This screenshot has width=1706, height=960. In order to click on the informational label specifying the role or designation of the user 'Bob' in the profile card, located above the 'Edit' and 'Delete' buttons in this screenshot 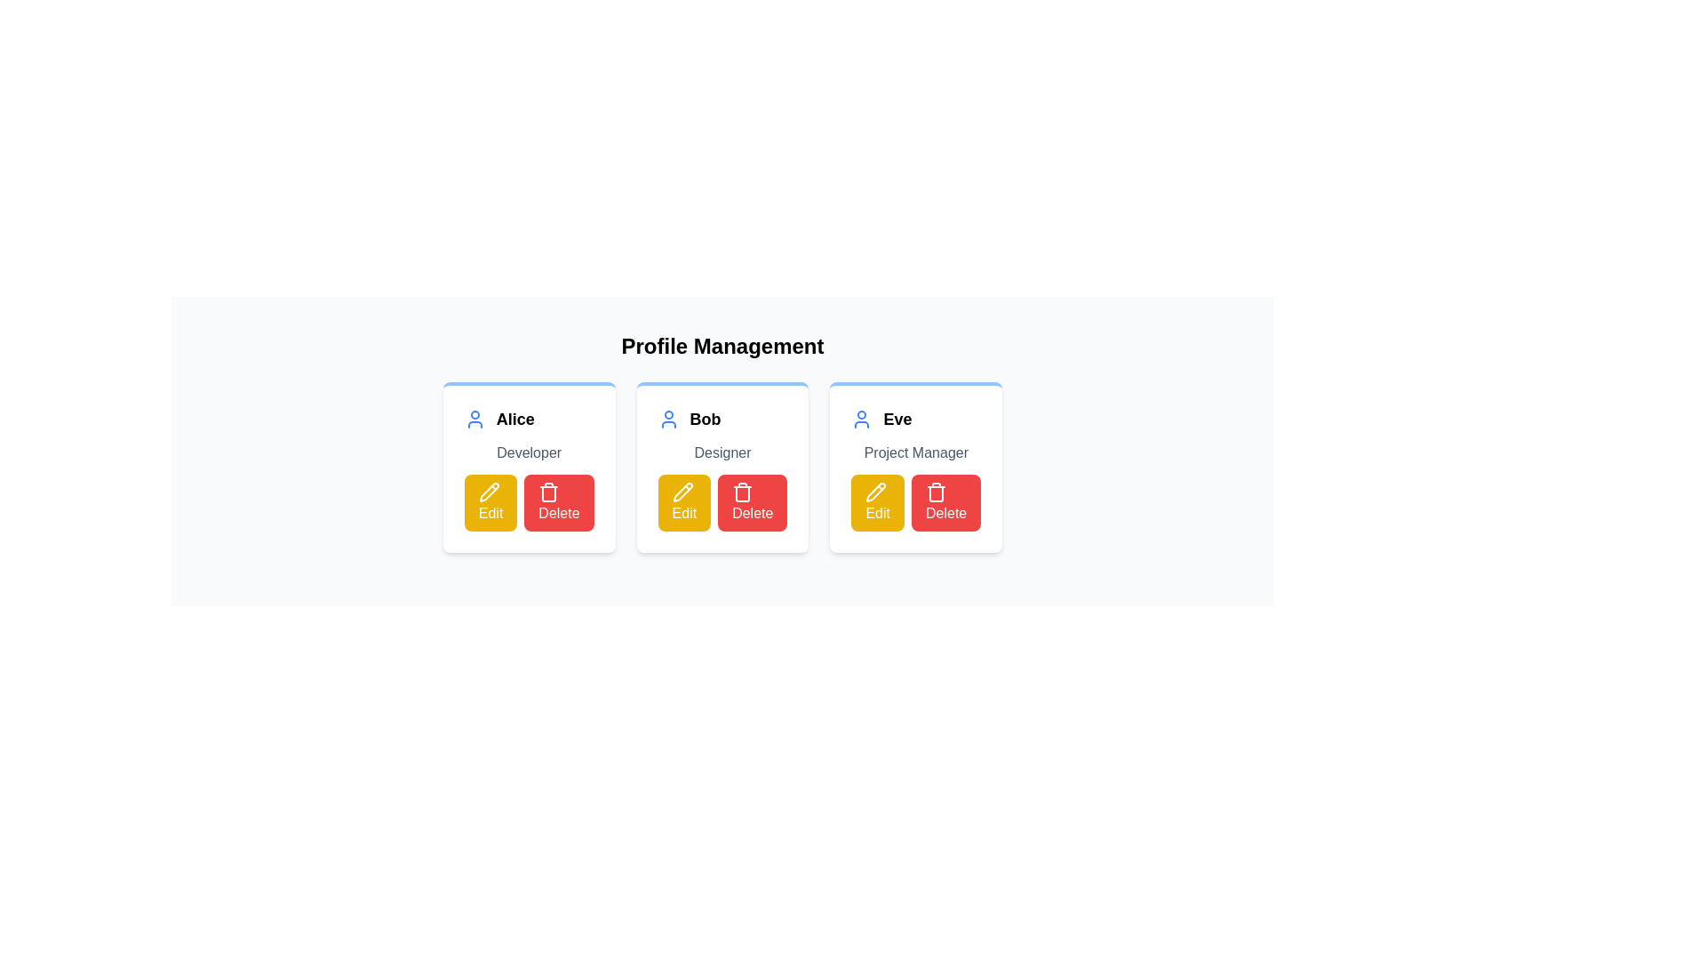, I will do `click(722, 452)`.